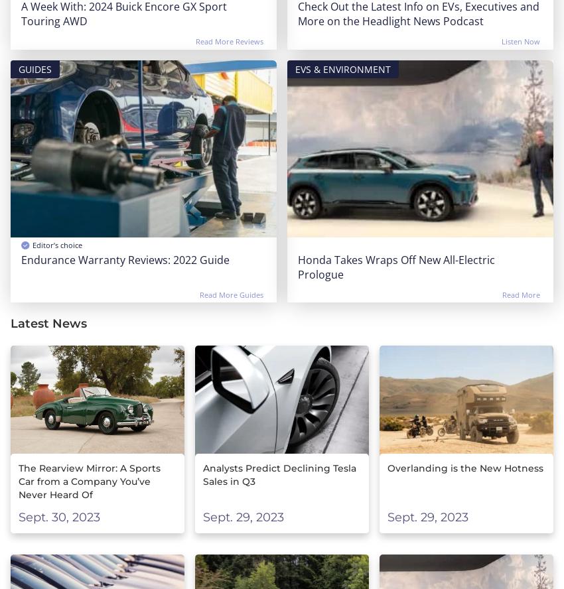 This screenshot has width=564, height=589. What do you see at coordinates (231, 294) in the screenshot?
I see `'Read More Guides'` at bounding box center [231, 294].